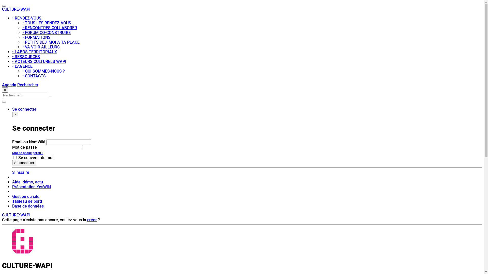 The image size is (488, 274). Describe the element at coordinates (20, 172) in the screenshot. I see `'S'inscrire'` at that location.